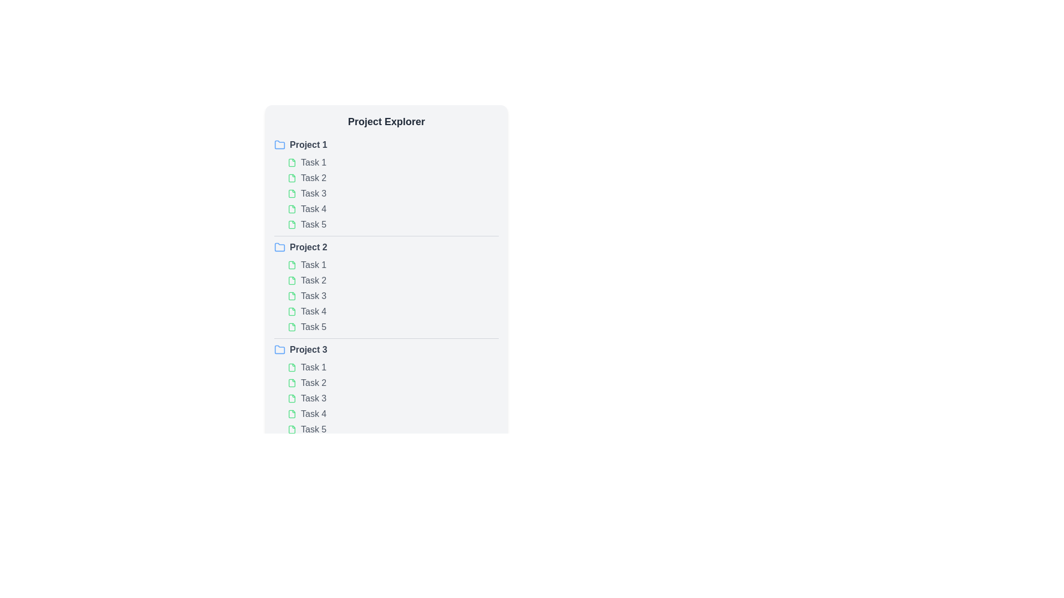 The image size is (1064, 598). What do you see at coordinates (292, 382) in the screenshot?
I see `the graphical indicator icon next to the text labeled 'Task 2' under the 'Project 3' section` at bounding box center [292, 382].